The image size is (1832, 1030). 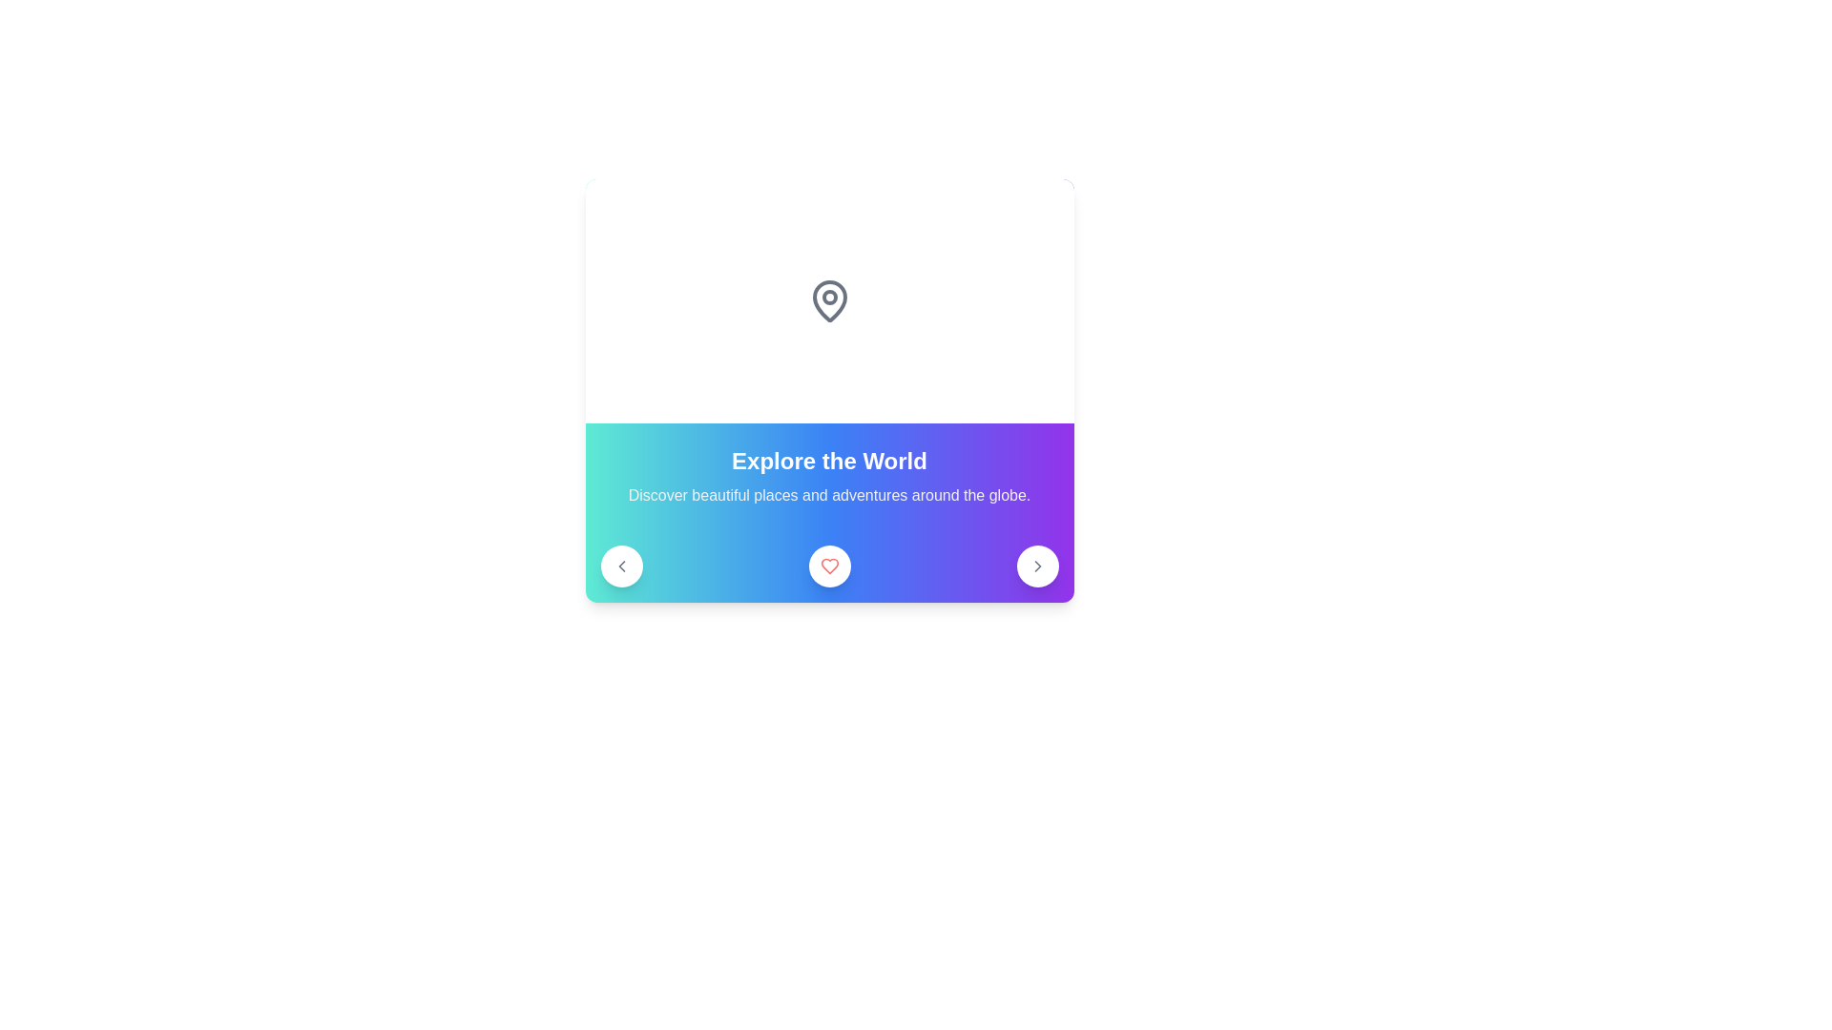 What do you see at coordinates (829, 300) in the screenshot?
I see `the static location pin icon that indicates a location-related theme, positioned above the text 'Explore the World'` at bounding box center [829, 300].